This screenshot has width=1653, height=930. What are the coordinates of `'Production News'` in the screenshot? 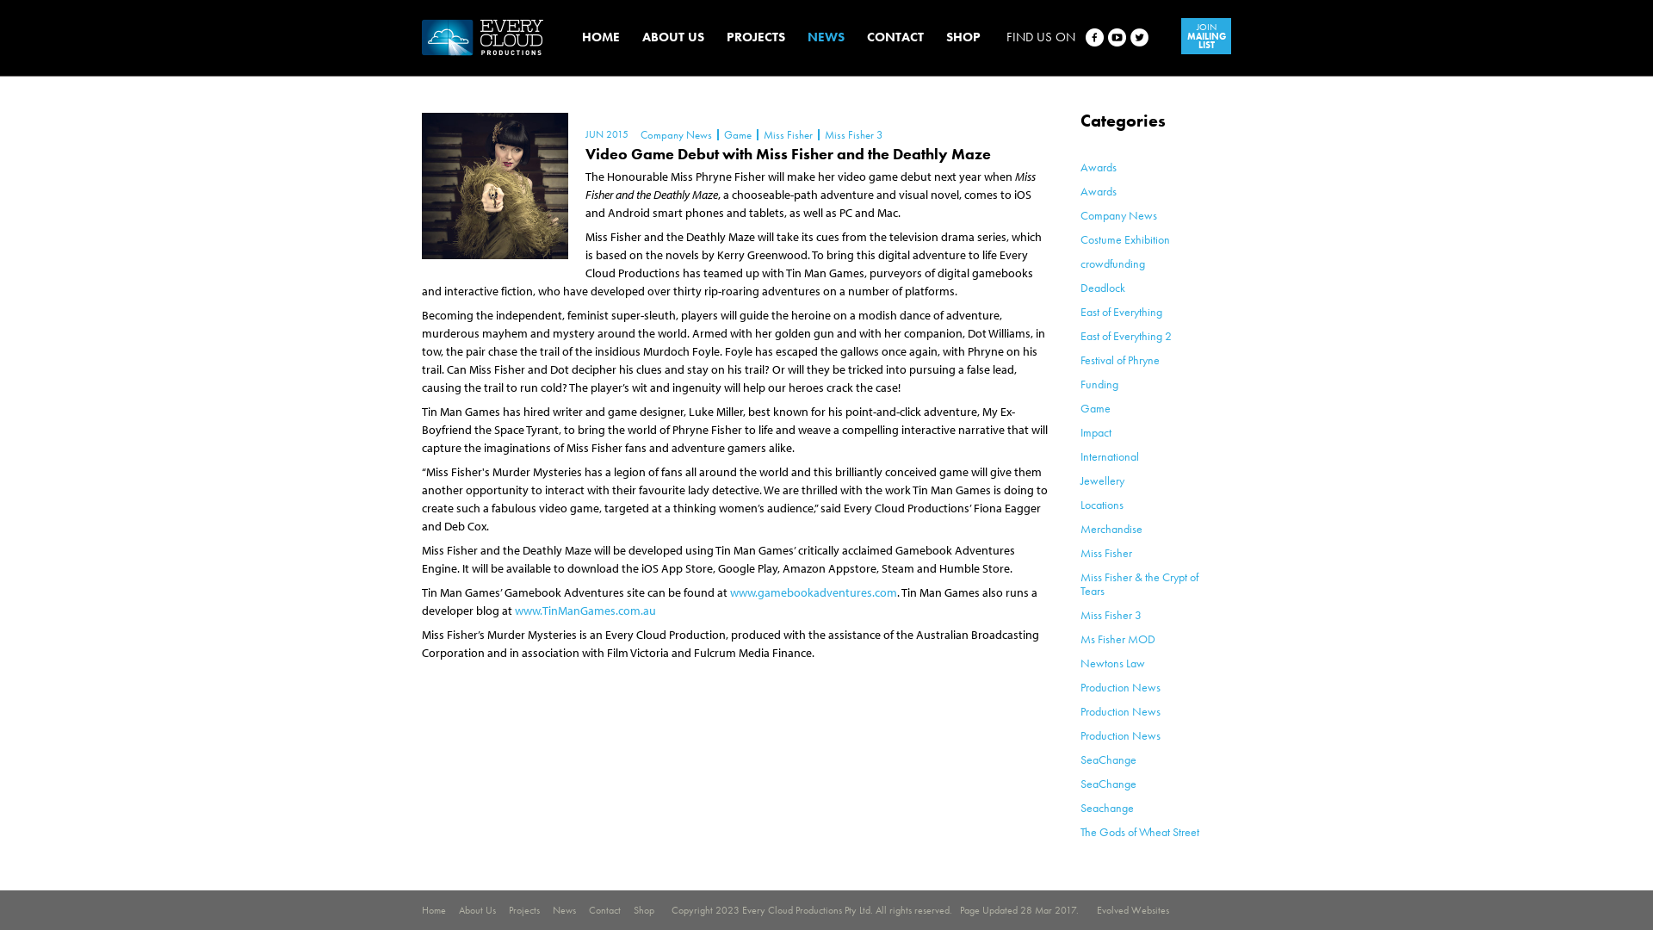 It's located at (1120, 710).